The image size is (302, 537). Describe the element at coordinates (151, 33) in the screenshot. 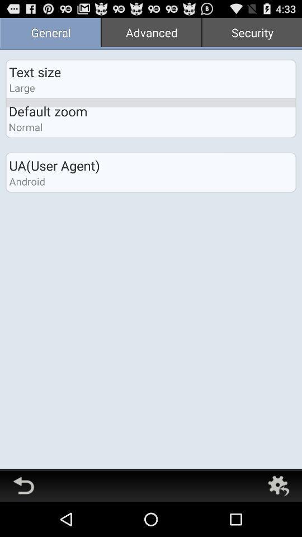

I see `the item at the top` at that location.